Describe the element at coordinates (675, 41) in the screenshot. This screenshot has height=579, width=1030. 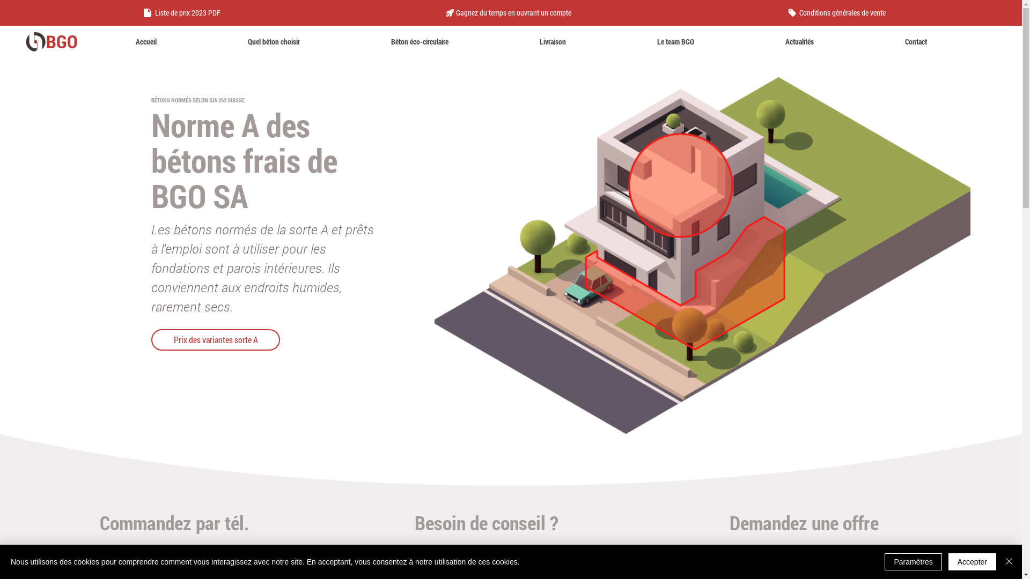
I see `'Le team BGO'` at that location.